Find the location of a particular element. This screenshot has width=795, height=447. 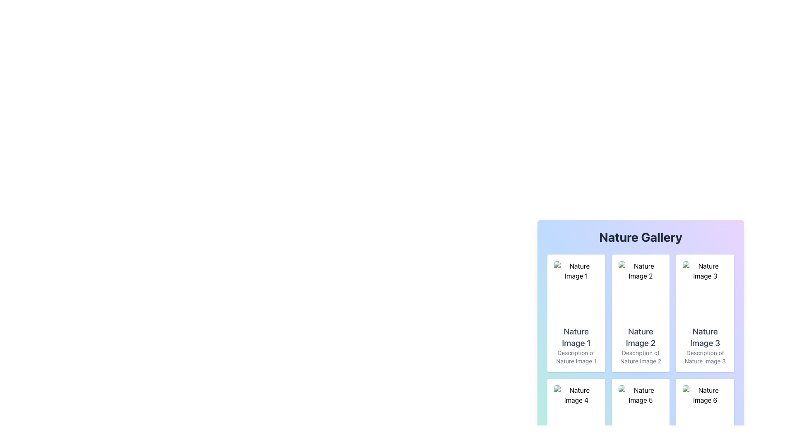

the text label 'Nature Image 2', which is styled with a large font size and dark gray color, located in the second column of the first row in the card layout is located at coordinates (640, 337).